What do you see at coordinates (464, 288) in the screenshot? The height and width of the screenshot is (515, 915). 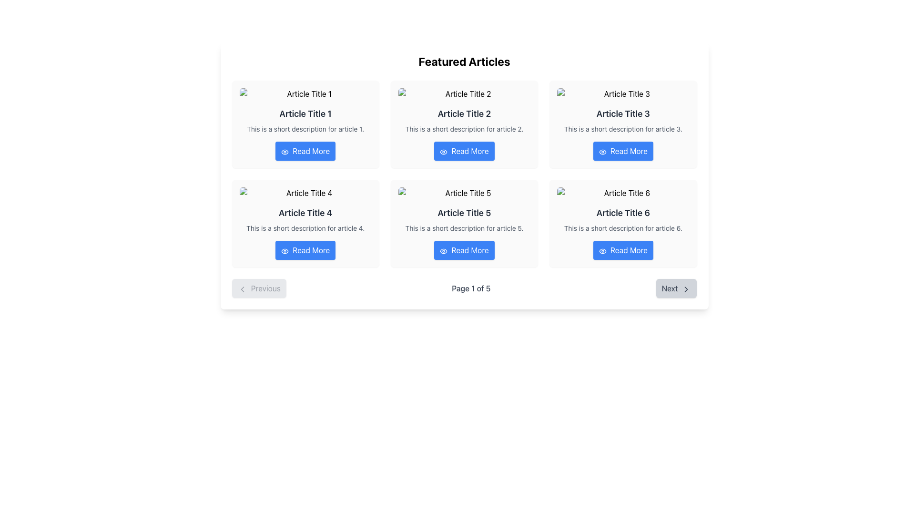 I see `page information displayed in the pagination bar located at the bottom of the 'Featured Articles' section` at bounding box center [464, 288].